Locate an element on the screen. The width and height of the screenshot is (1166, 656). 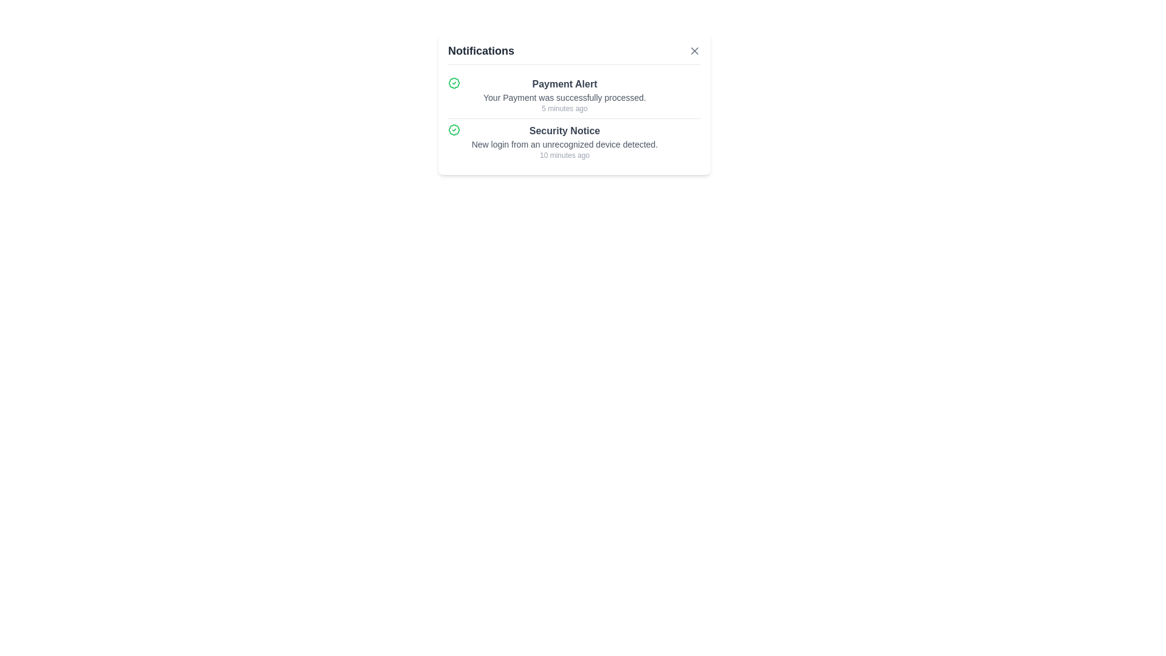
the 'Security Notice' label, which is styled with a bold font and medium gray color, located within the second notification card is located at coordinates (564, 131).